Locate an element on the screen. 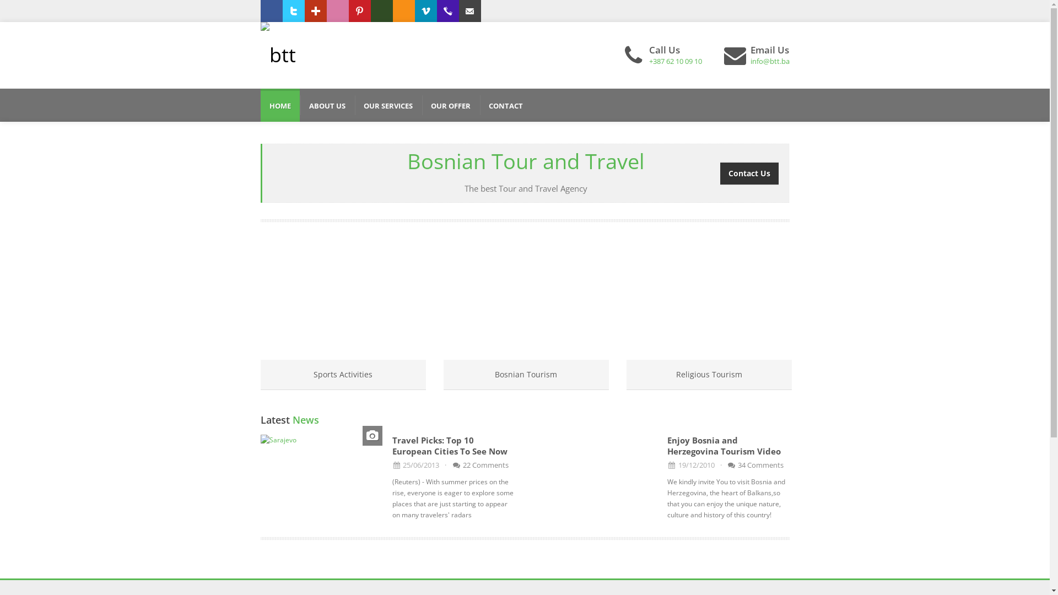  'Religious Tourism' is located at coordinates (709, 374).